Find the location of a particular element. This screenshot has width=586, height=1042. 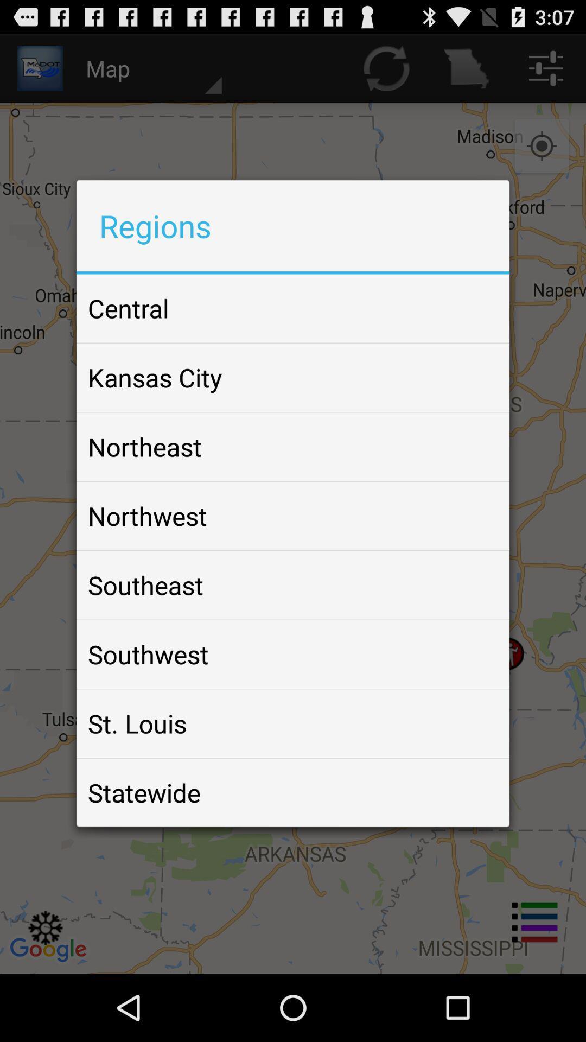

the central at the top left corner is located at coordinates (128, 308).